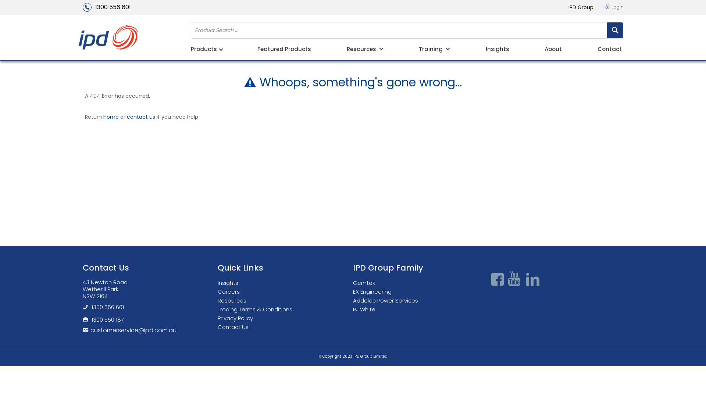  Describe the element at coordinates (111, 116) in the screenshot. I see `'home'` at that location.